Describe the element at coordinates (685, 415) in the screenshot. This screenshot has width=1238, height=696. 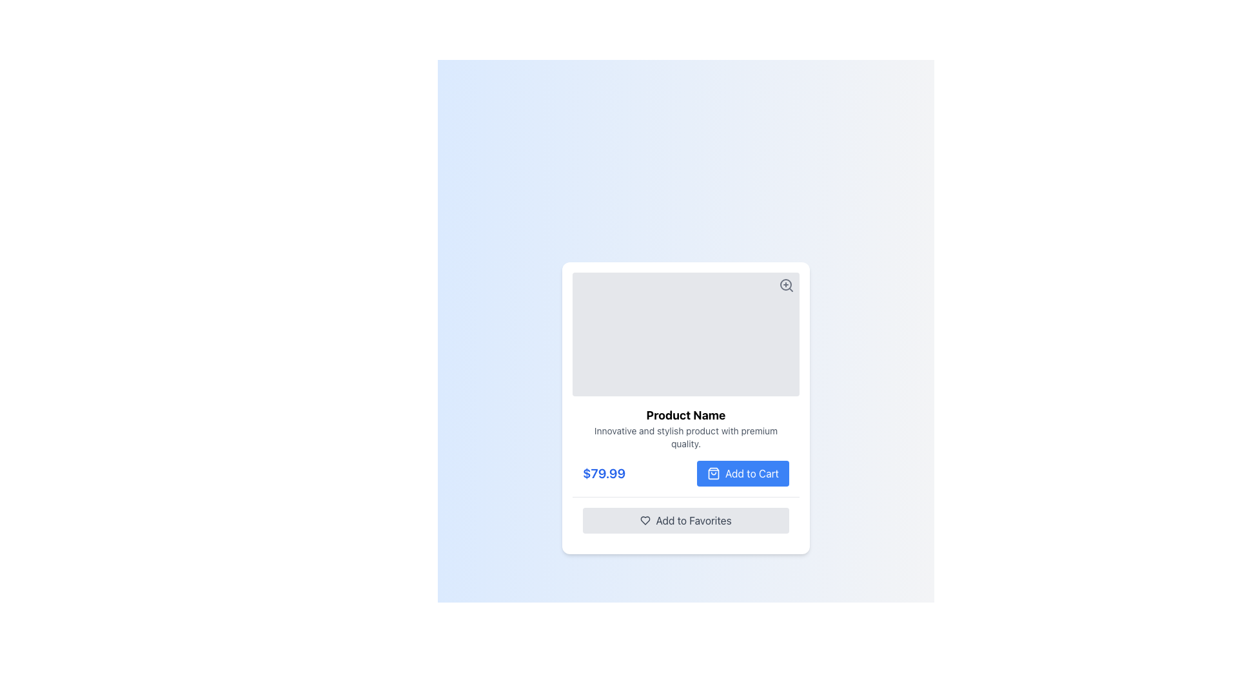
I see `bolded text labeled 'Product Name' prominently displayed at the top of the card layout` at that location.